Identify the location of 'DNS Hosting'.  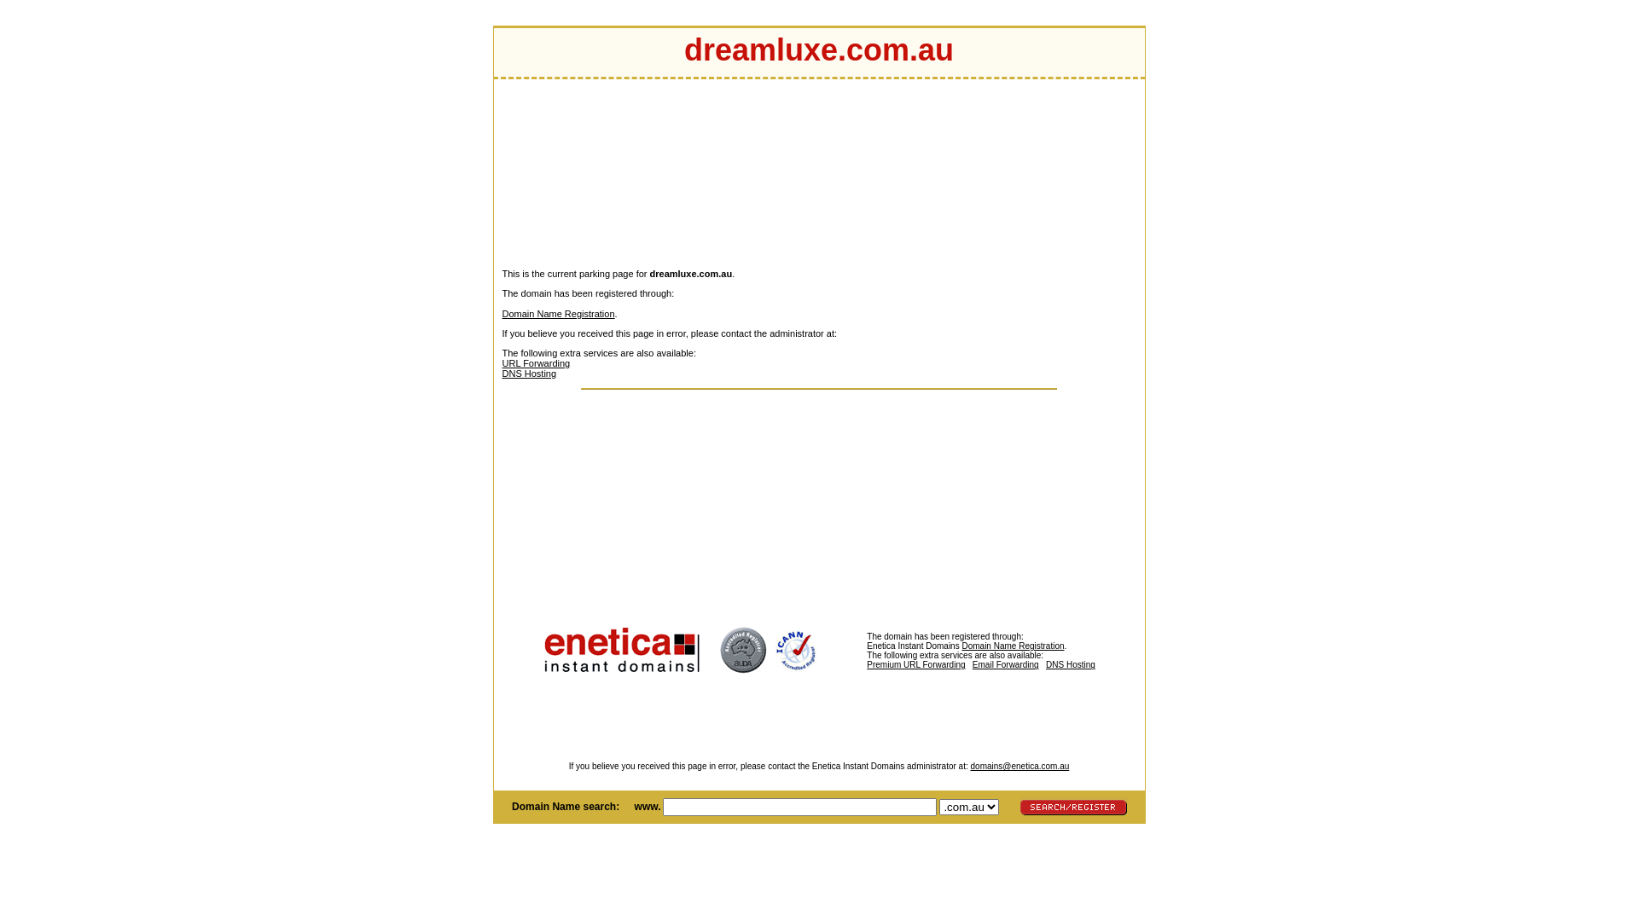
(1069, 663).